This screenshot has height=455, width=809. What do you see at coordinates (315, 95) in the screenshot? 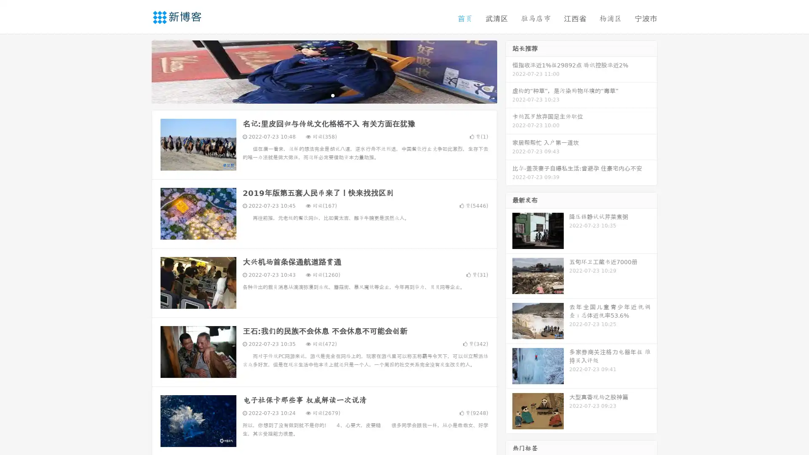
I see `Go to slide 1` at bounding box center [315, 95].